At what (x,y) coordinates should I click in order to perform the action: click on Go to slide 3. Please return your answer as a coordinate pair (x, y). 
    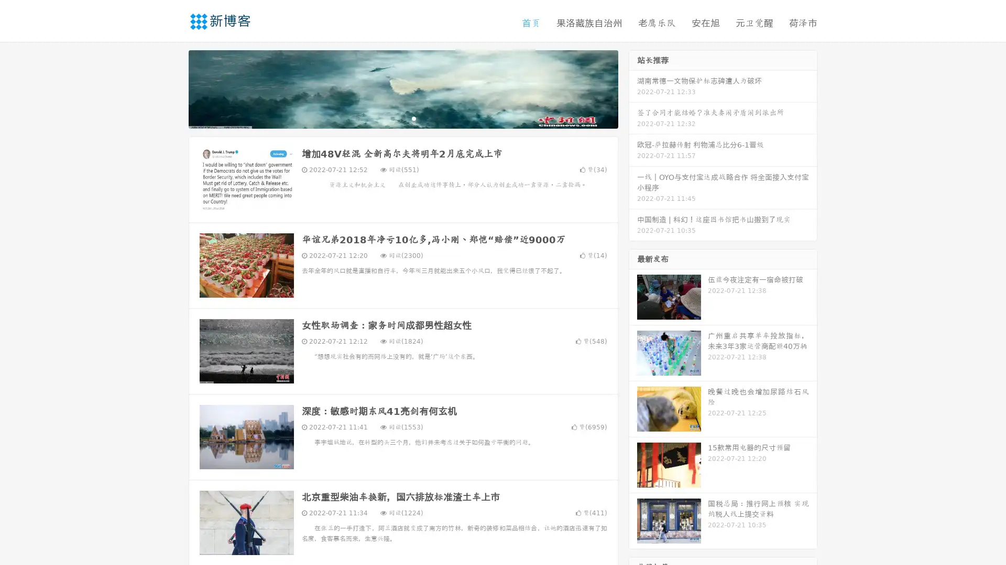
    Looking at the image, I should click on (413, 118).